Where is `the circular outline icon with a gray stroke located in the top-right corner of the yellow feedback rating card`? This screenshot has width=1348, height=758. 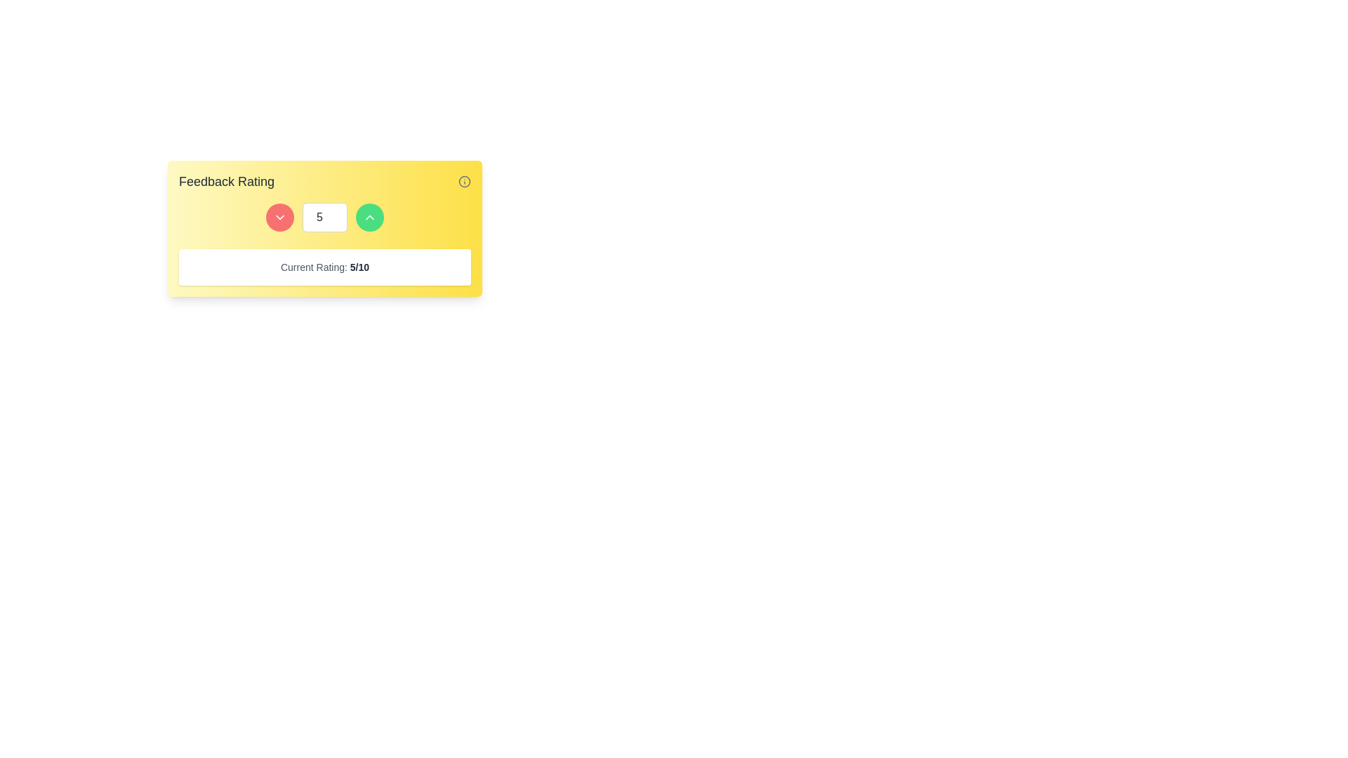 the circular outline icon with a gray stroke located in the top-right corner of the yellow feedback rating card is located at coordinates (465, 180).